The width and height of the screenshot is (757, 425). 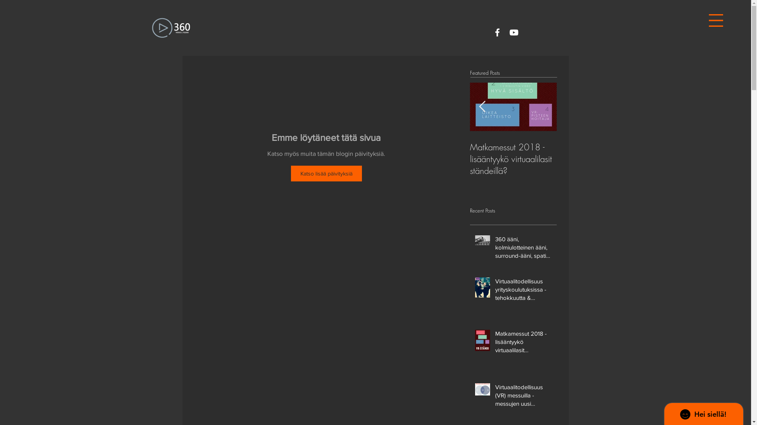 I want to click on '360LOGO TRANSP WHITE.png', so click(x=170, y=27).